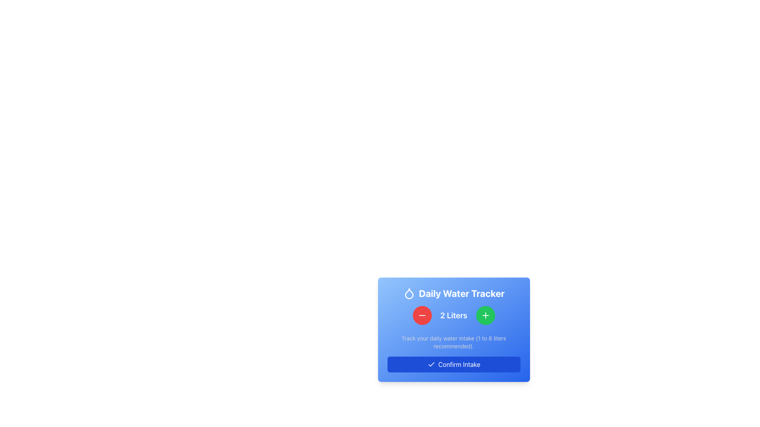 This screenshot has width=760, height=427. What do you see at coordinates (422, 315) in the screenshot?
I see `the small red circular button with a minus symbol, which is located to the left of the '2 Liters' text` at bounding box center [422, 315].